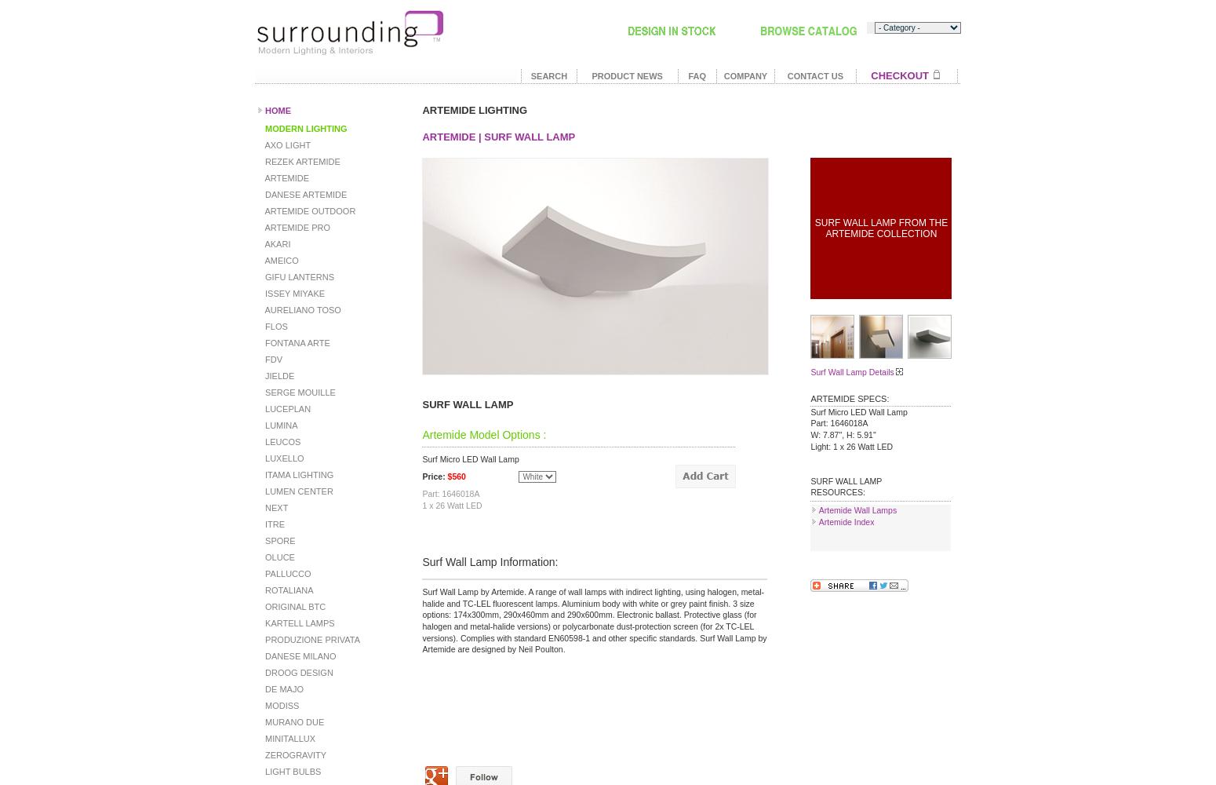  What do you see at coordinates (697, 75) in the screenshot?
I see `'FAQ'` at bounding box center [697, 75].